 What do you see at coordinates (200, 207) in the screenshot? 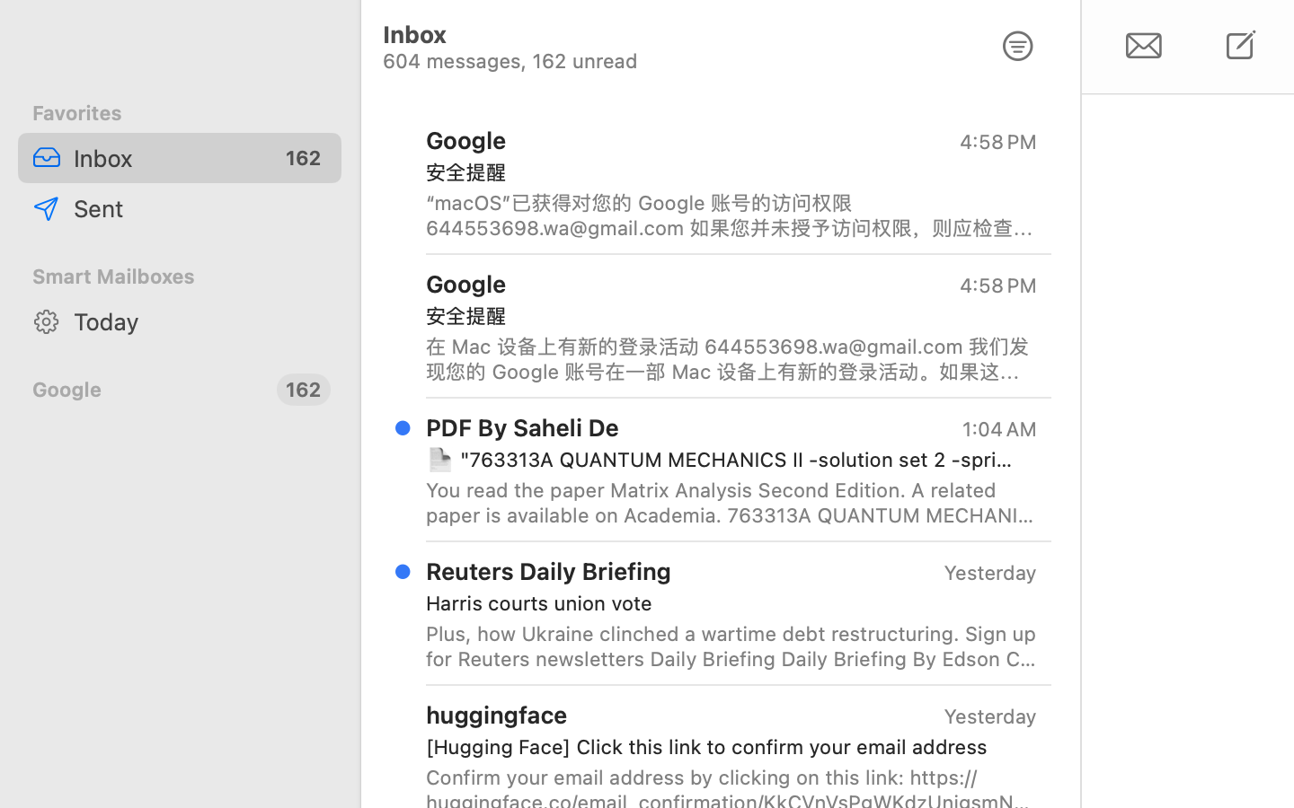
I see `'Sent'` at bounding box center [200, 207].